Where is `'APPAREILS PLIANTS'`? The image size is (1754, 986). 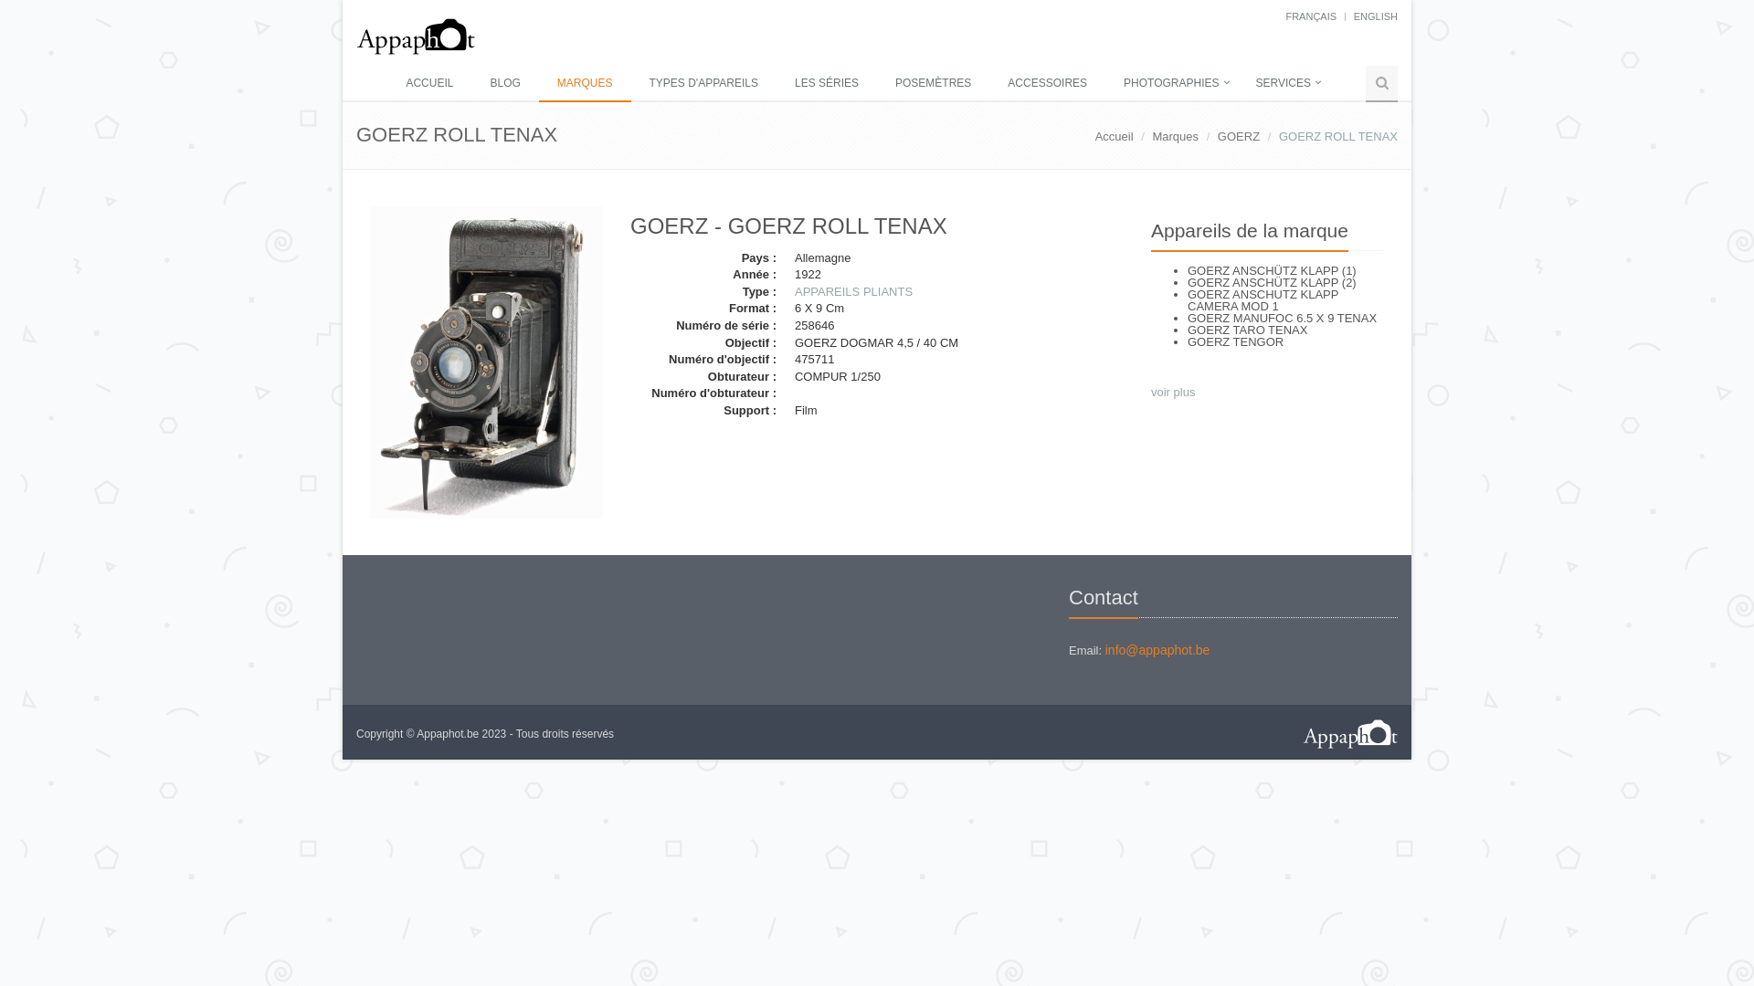
'APPAREILS PLIANTS' is located at coordinates (852, 290).